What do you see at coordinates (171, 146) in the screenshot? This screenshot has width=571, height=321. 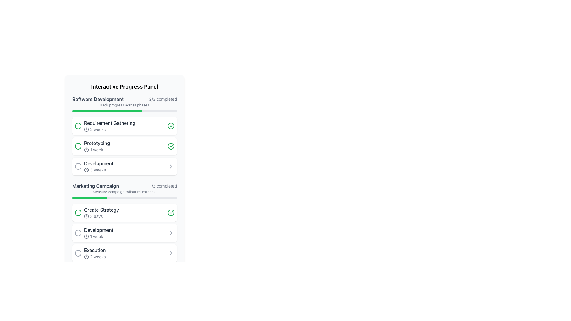 I see `the circular arc element of the check-circle icon in the SVG graphic, which is styled with a green color and a 2-pixel border, located in the center right of the 'Prototyping' entry in the 'Software Development' section of the progress panel` at bounding box center [171, 146].